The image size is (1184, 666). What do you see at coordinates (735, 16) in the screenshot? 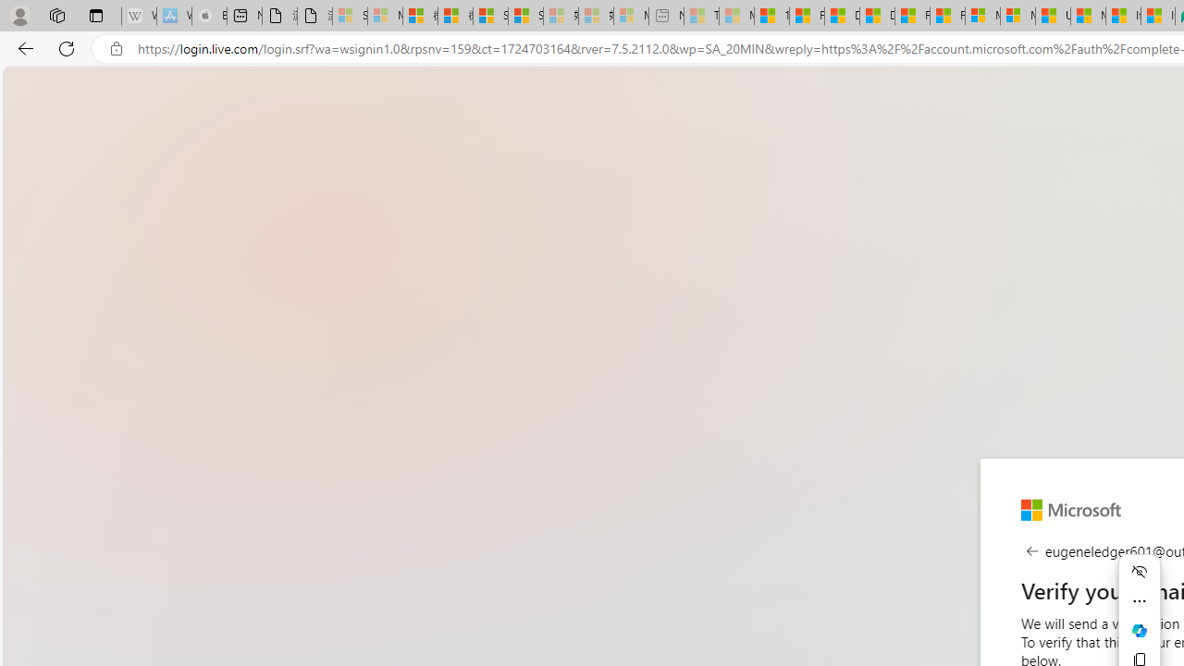
I see `'Marine life - MSN - Sleeping'` at bounding box center [735, 16].